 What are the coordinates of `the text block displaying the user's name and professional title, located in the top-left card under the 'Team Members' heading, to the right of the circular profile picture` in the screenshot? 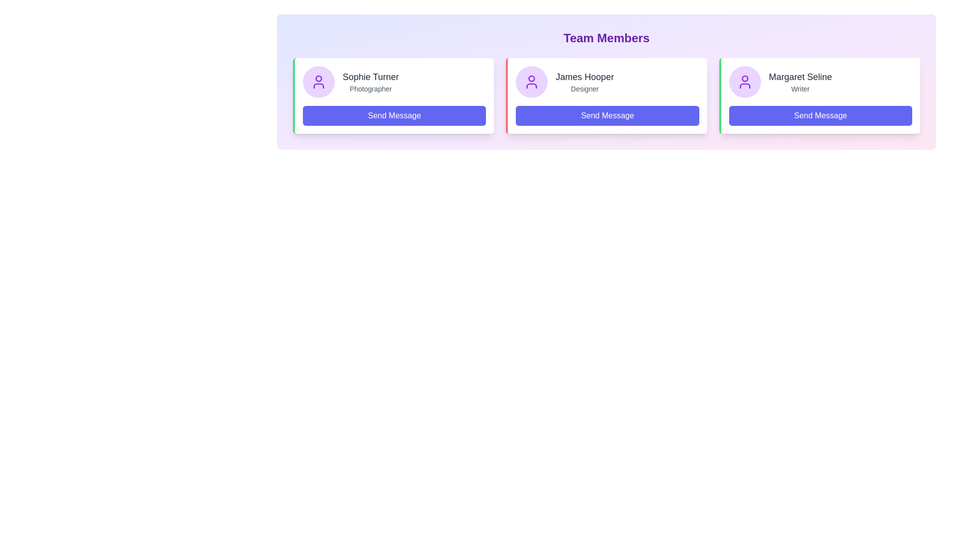 It's located at (370, 82).